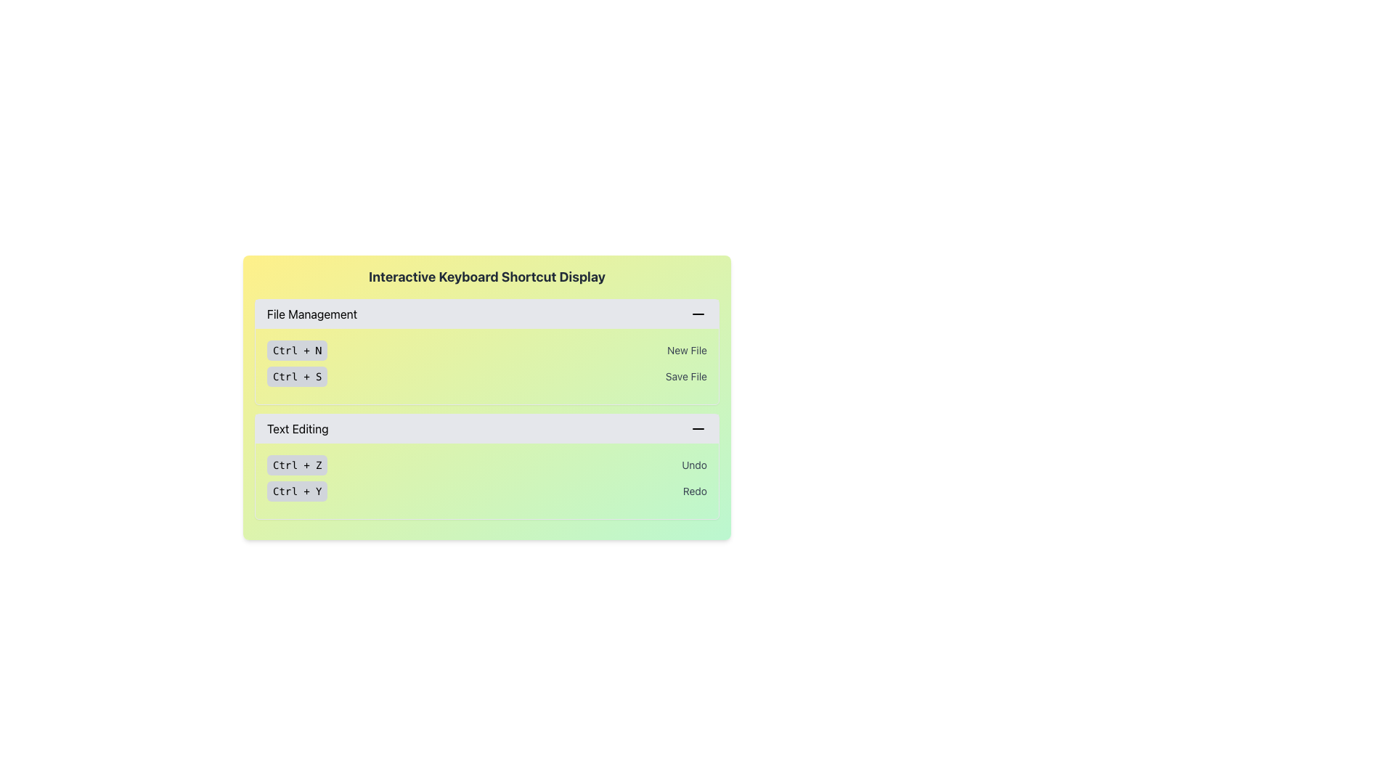 The width and height of the screenshot is (1394, 784). Describe the element at coordinates (698, 313) in the screenshot. I see `the action icon located at the upper-right corner of the 'File Management' section to minimize the section` at that location.